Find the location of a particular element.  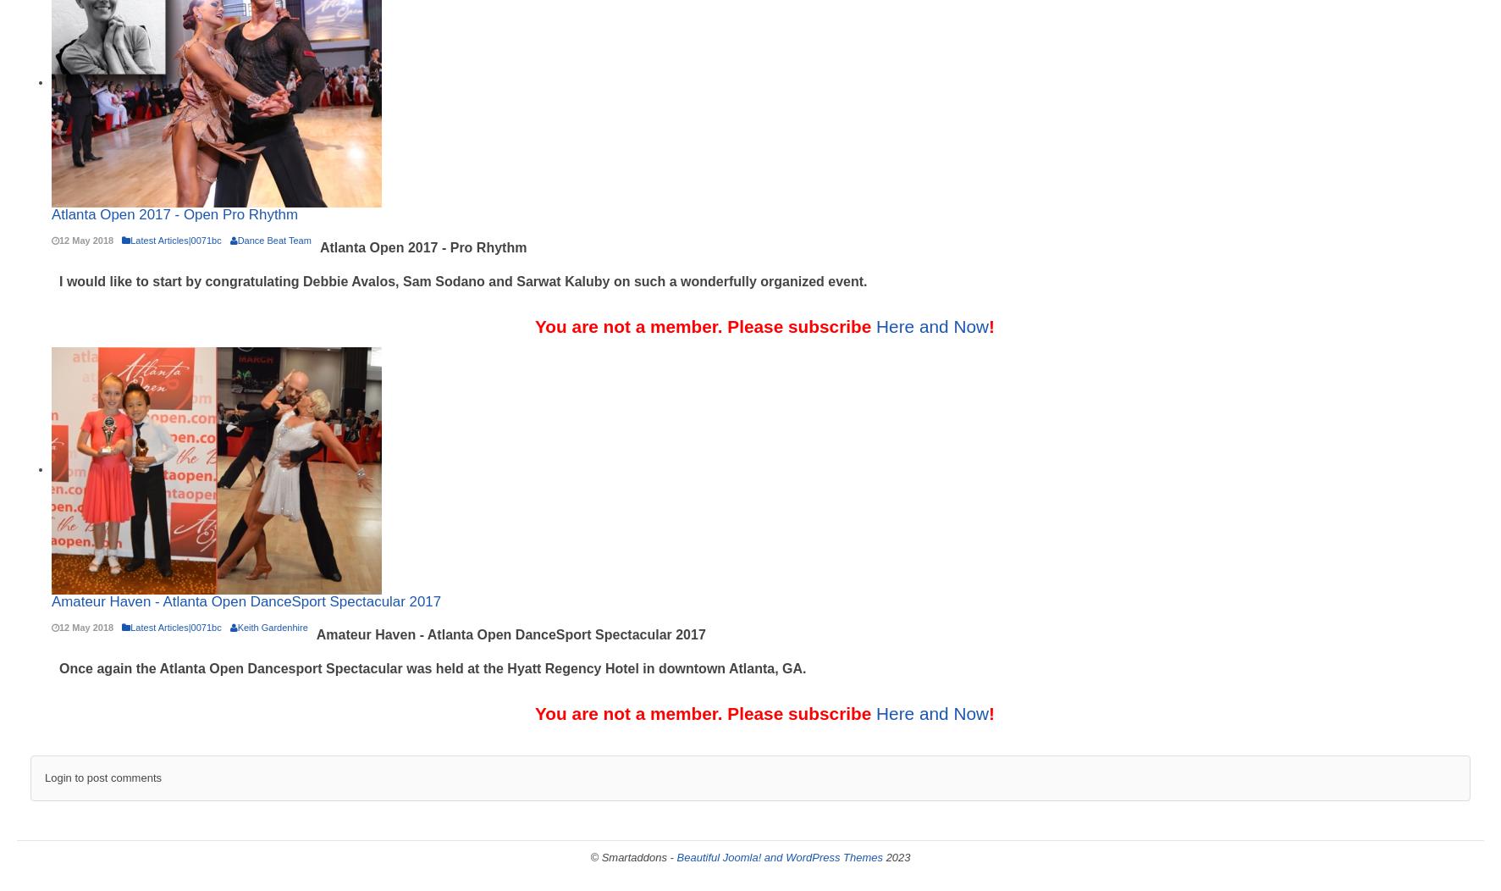

'Login to post comments' is located at coordinates (102, 778).